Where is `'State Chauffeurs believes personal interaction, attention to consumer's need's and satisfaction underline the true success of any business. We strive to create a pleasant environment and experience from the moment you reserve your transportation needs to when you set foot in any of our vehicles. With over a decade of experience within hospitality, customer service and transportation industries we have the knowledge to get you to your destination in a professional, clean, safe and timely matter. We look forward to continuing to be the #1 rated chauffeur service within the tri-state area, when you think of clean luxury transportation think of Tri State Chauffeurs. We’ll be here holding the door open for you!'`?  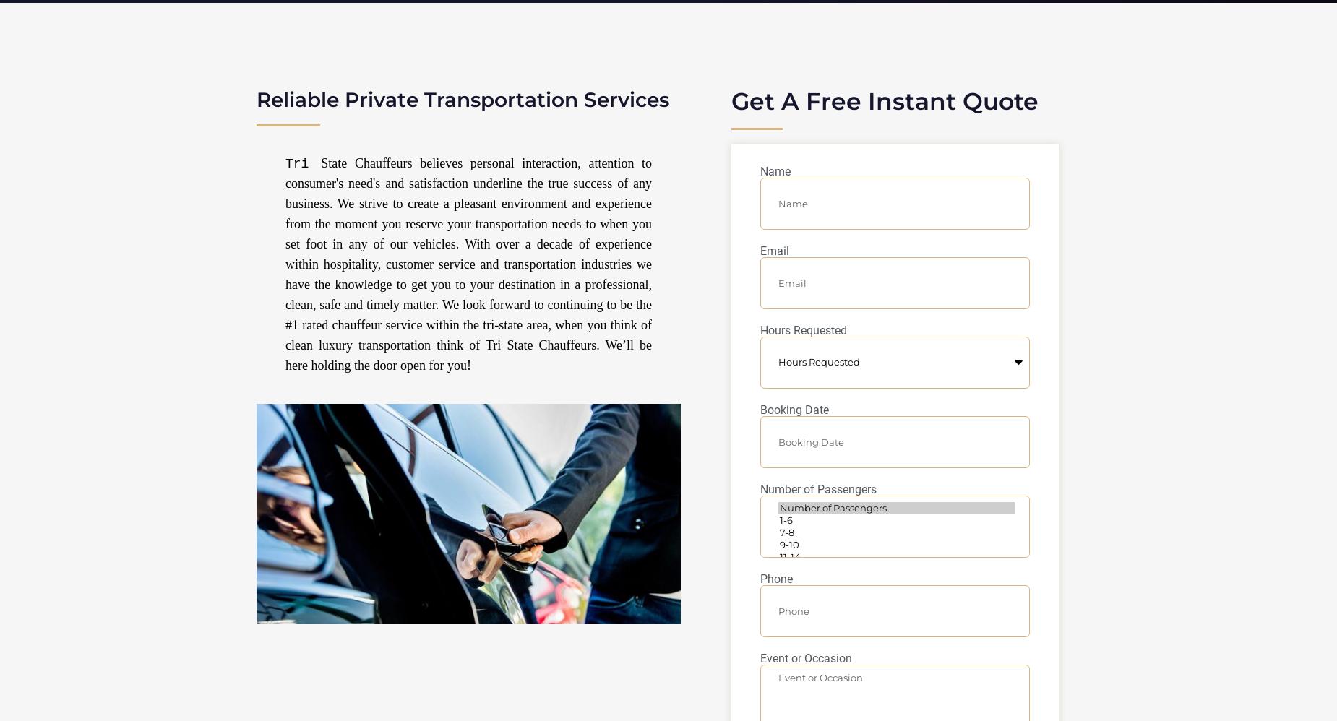 'State Chauffeurs believes personal interaction, attention to consumer's need's and satisfaction underline the true success of any business. We strive to create a pleasant environment and experience from the moment you reserve your transportation needs to when you set foot in any of our vehicles. With over a decade of experience within hospitality, customer service and transportation industries we have the knowledge to get you to your destination in a professional, clean, safe and timely matter. We look forward to continuing to be the #1 rated chauffeur service within the tri-state area, when you think of clean luxury transportation think of Tri State Chauffeurs. We’ll be here holding the door open for you!' is located at coordinates (470, 263).